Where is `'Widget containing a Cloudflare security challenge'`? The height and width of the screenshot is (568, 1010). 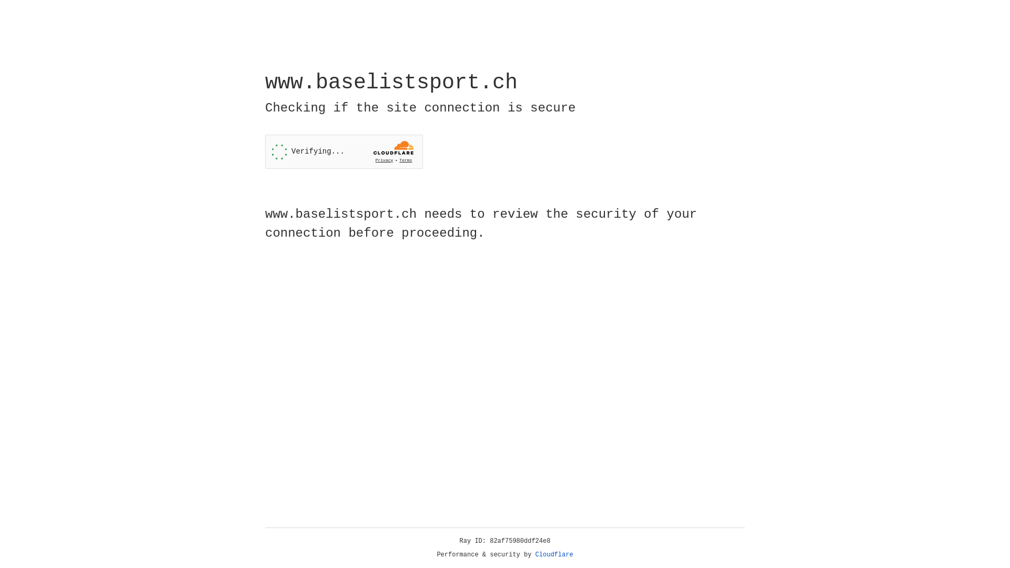
'Widget containing a Cloudflare security challenge' is located at coordinates (344, 151).